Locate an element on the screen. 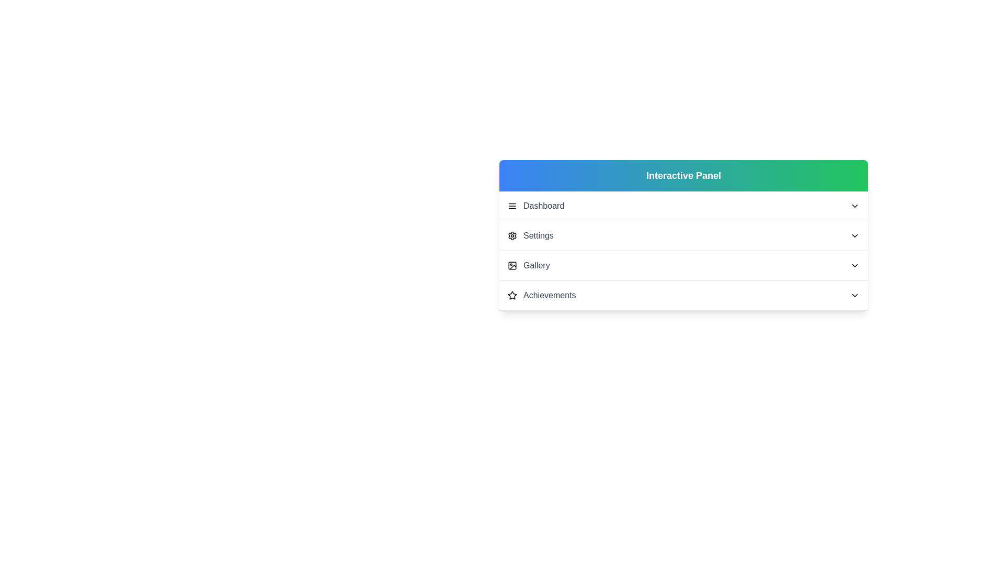  the downward-pointing chevron icon located at the far right end of the 'Dashboard' menu entry is located at coordinates (855, 206).